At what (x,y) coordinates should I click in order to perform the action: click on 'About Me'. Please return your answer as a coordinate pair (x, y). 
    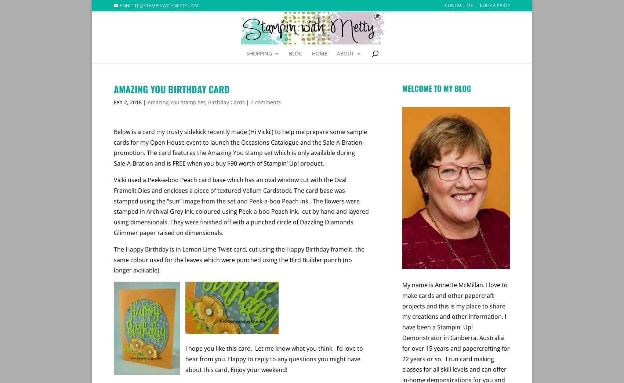
    Looking at the image, I should click on (351, 78).